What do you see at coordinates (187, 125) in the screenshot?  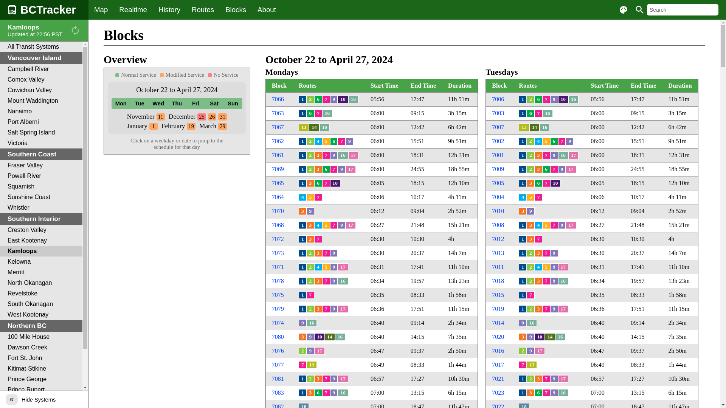 I see `'19'` at bounding box center [187, 125].